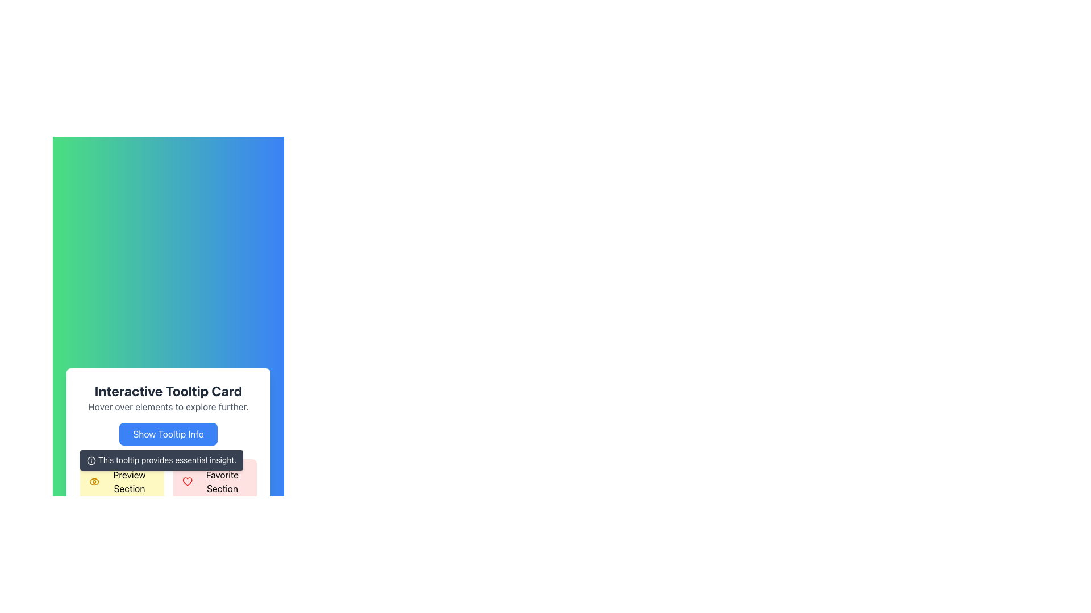 This screenshot has width=1091, height=613. I want to click on the information icon, which is a small circular icon with a border and a centered exclamation point, located to the left of the text in the tooltip box that contains the message 'This tooltip provides essential insight', so click(91, 461).